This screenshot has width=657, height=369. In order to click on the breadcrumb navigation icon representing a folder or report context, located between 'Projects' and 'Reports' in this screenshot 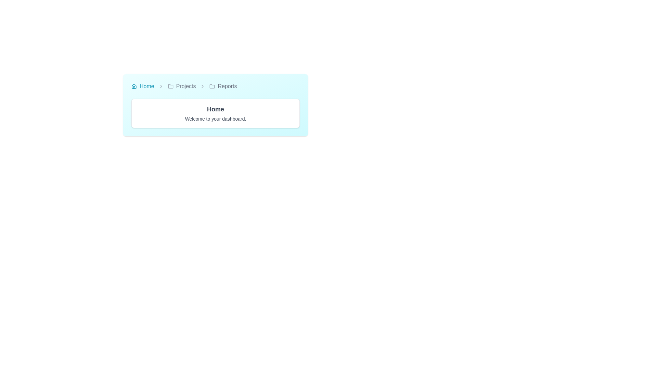, I will do `click(170, 86)`.